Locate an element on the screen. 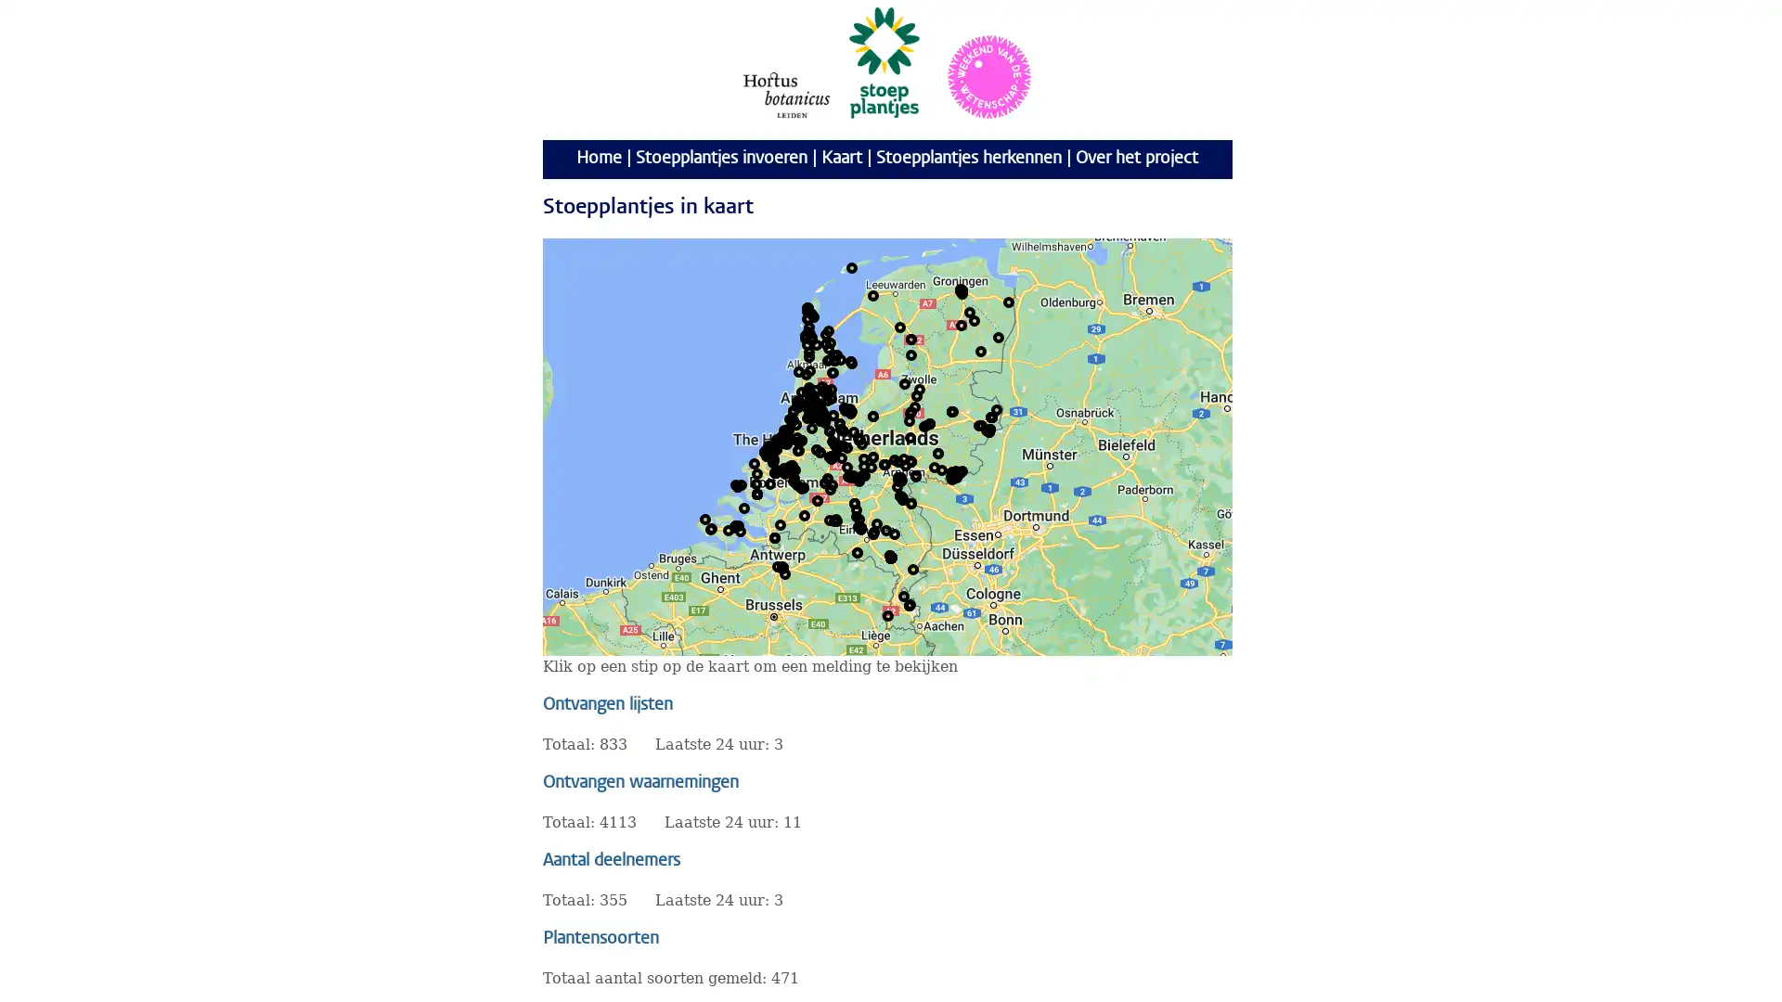 The image size is (1782, 1002). Telling van op 26 mei 2022 is located at coordinates (797, 450).